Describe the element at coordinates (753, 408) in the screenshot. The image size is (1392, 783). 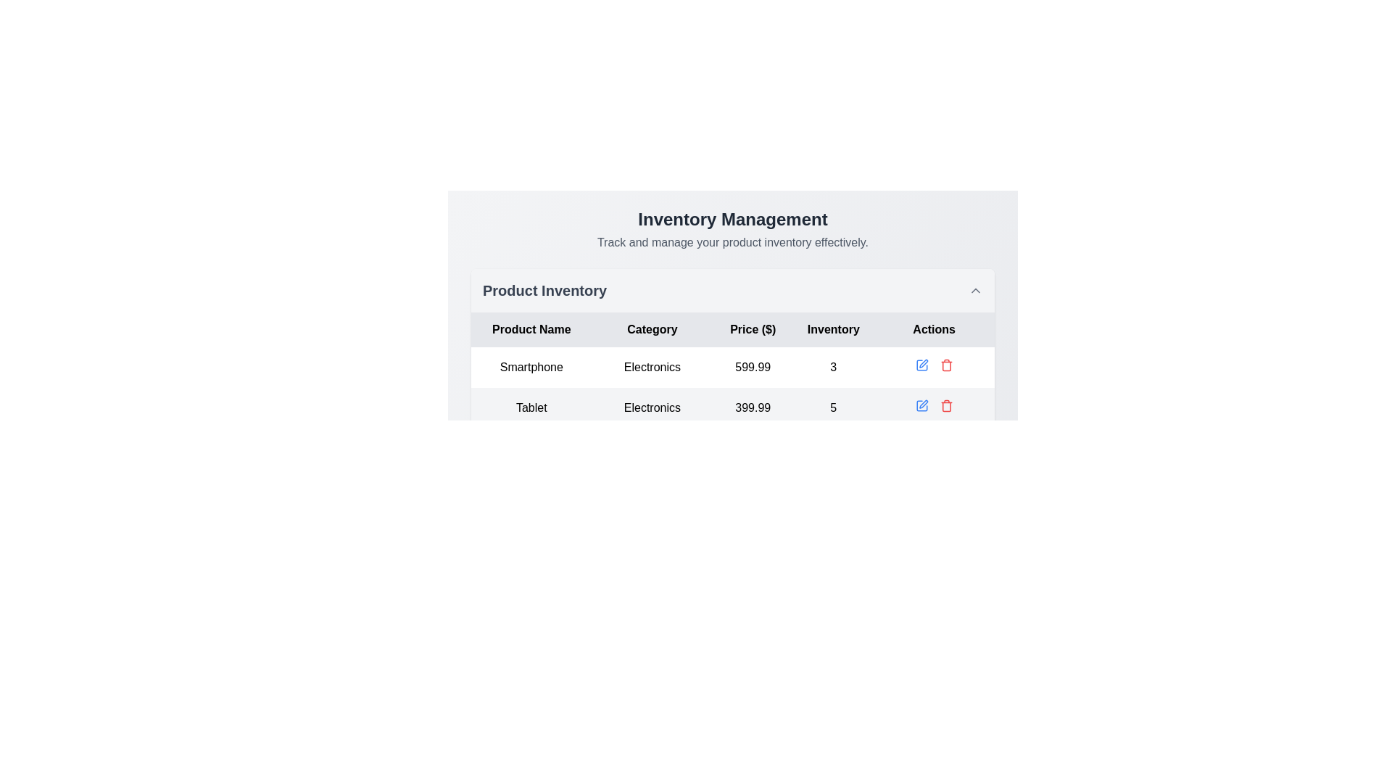
I see `the text element displaying the value '399.99' in the 'Price ($)' column of the second row of the table for the item 'Tablet'` at that location.